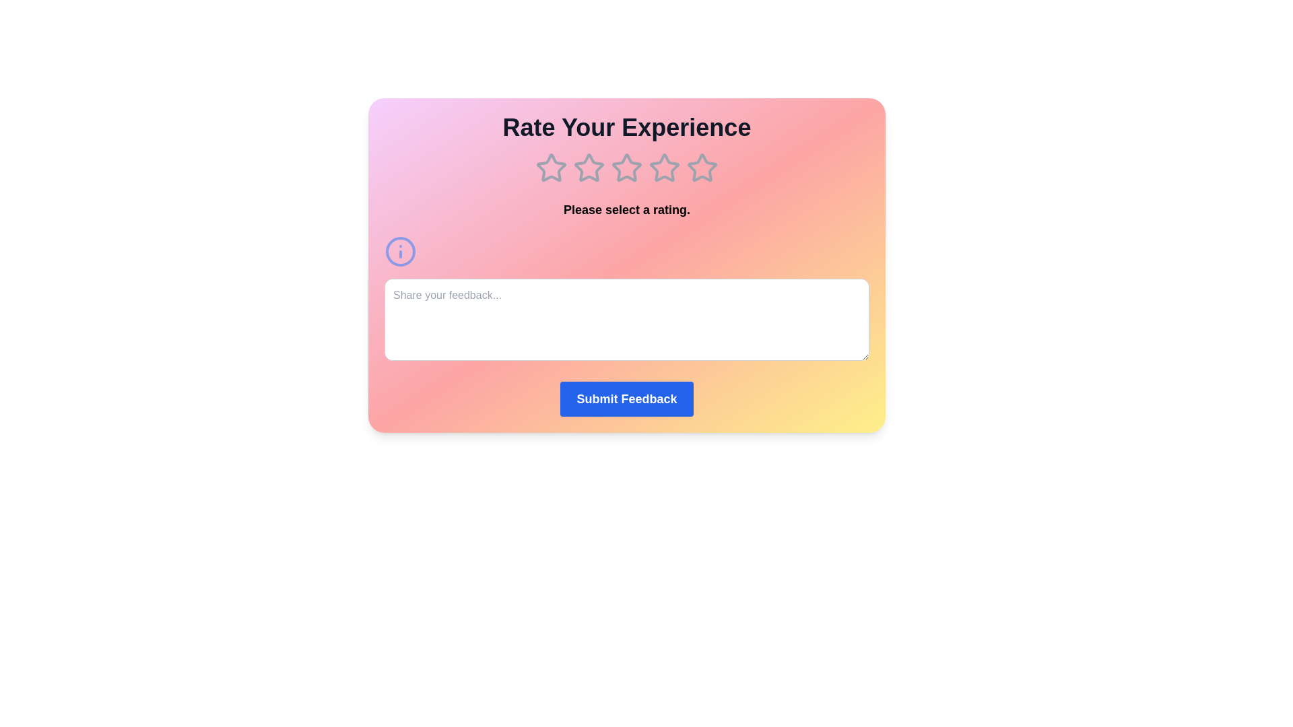 Image resolution: width=1293 pixels, height=727 pixels. What do you see at coordinates (400, 252) in the screenshot?
I see `the info icon to display additional information` at bounding box center [400, 252].